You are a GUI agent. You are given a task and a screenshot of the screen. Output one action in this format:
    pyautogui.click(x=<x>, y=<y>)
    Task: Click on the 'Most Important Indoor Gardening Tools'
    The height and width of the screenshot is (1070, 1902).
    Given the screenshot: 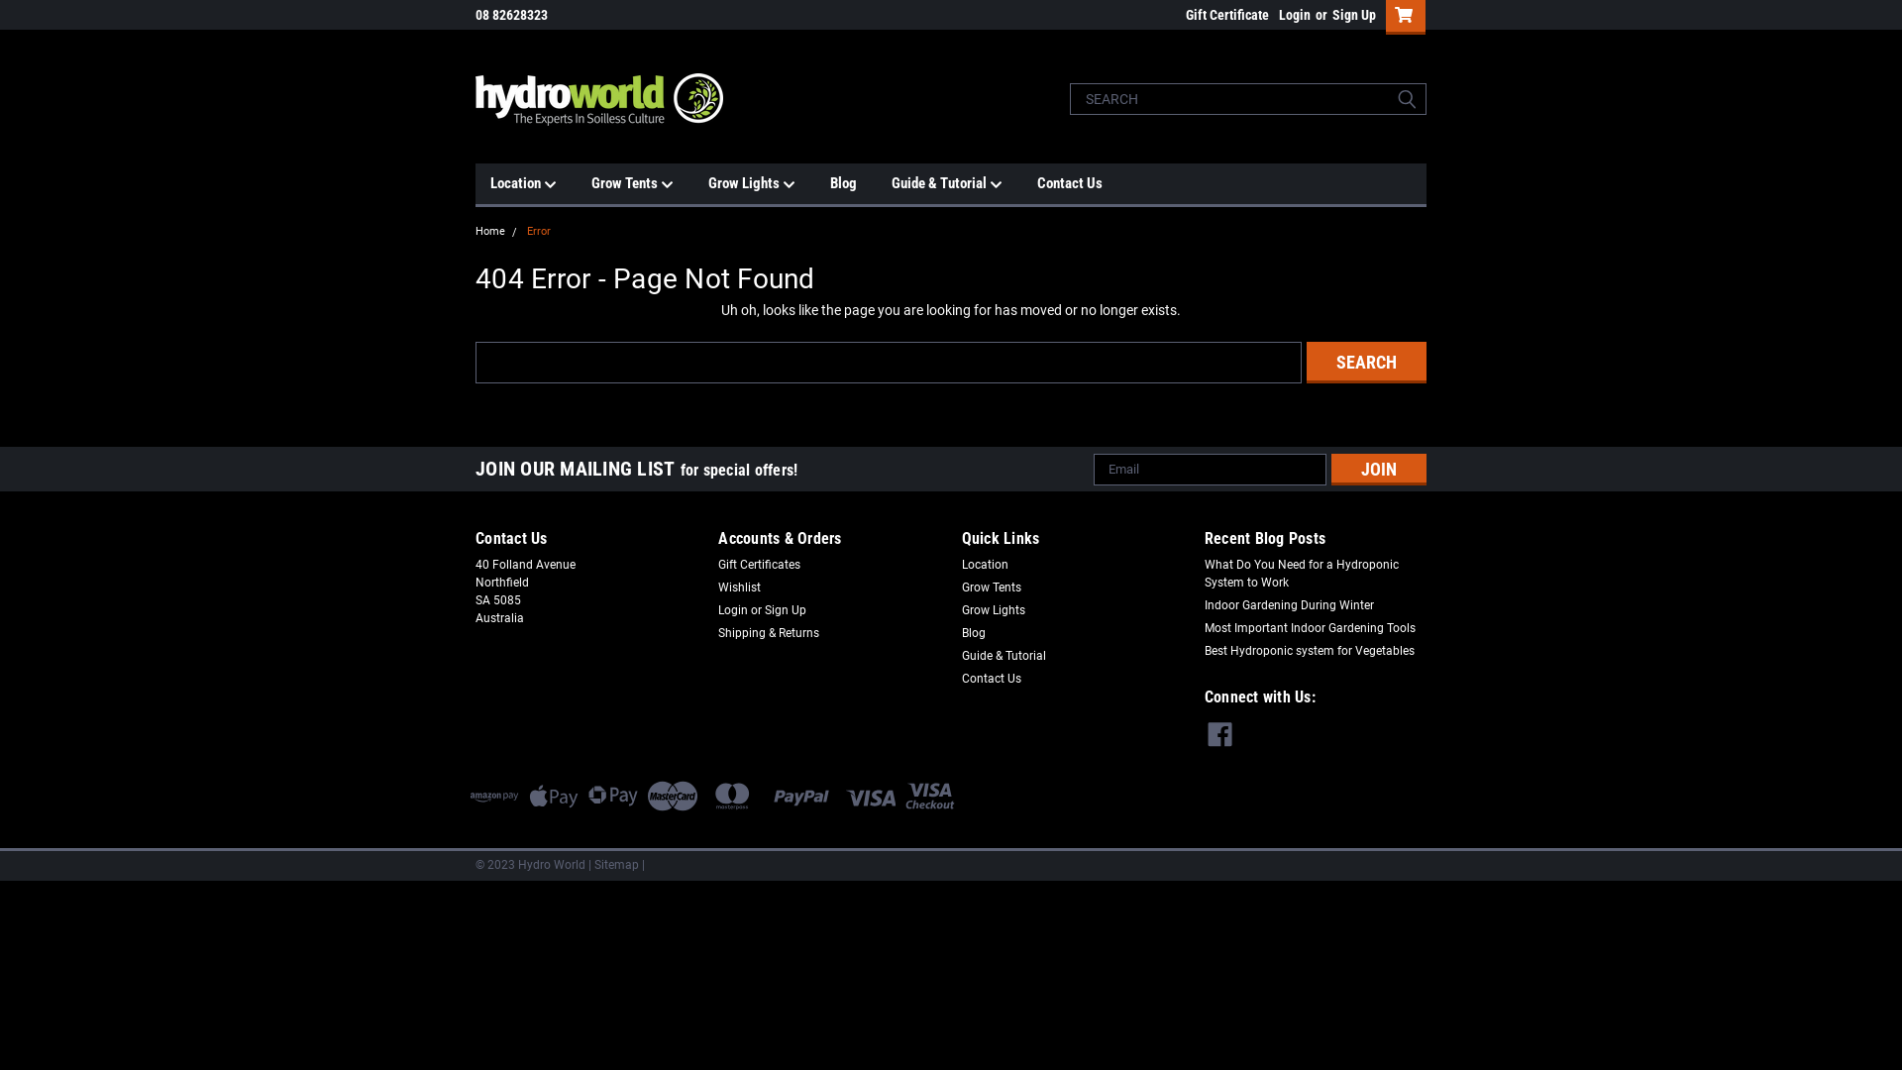 What is the action you would take?
    pyautogui.click(x=1310, y=626)
    